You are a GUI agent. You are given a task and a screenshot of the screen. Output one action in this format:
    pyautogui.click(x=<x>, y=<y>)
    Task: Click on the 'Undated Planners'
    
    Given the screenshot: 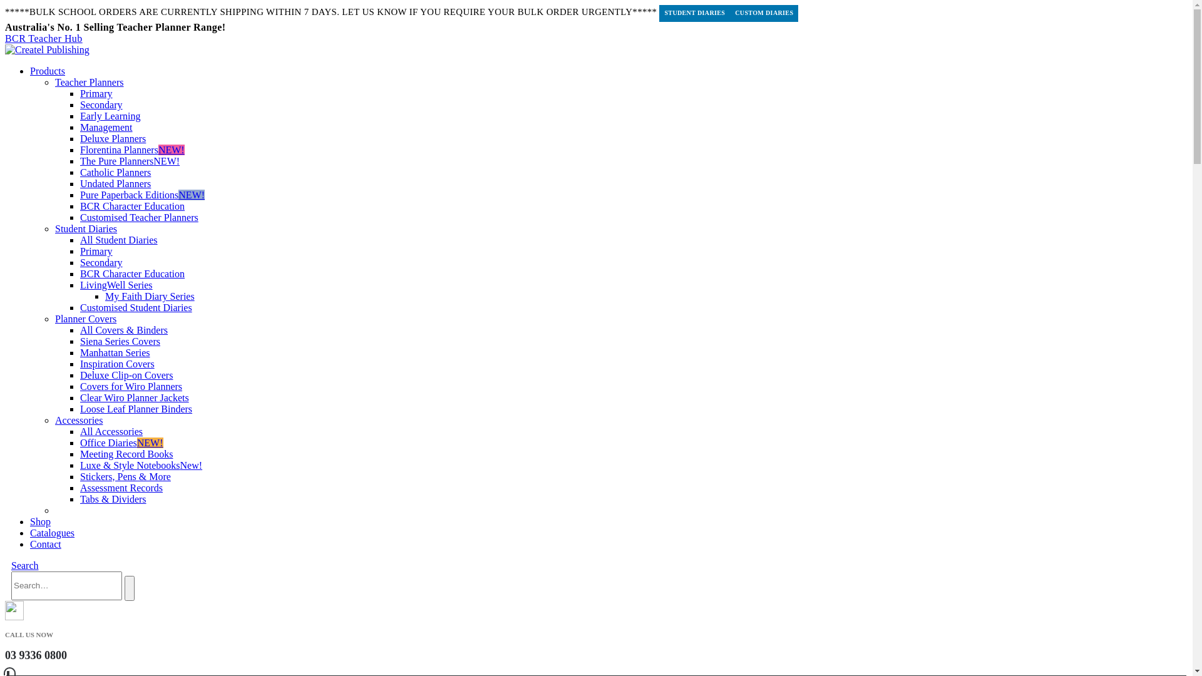 What is the action you would take?
    pyautogui.click(x=115, y=183)
    